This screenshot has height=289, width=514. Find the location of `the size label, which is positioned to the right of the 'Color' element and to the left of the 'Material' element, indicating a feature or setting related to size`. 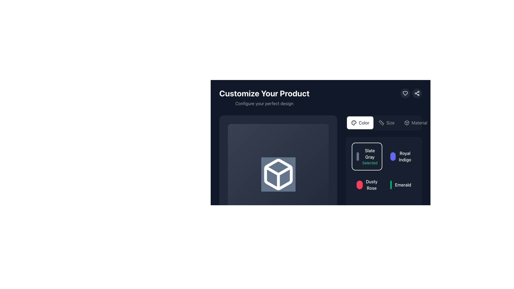

the size label, which is positioned to the right of the 'Color' element and to the left of the 'Material' element, indicating a feature or setting related to size is located at coordinates (390, 123).